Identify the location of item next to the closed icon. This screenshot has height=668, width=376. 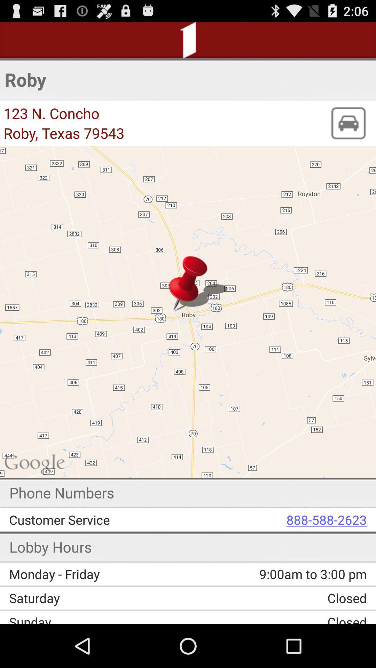
(101, 597).